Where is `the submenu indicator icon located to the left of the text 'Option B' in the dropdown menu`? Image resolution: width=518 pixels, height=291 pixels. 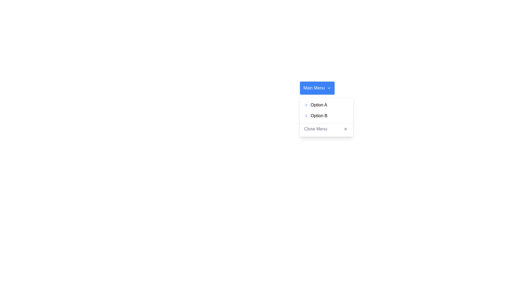
the submenu indicator icon located to the left of the text 'Option B' in the dropdown menu is located at coordinates (306, 115).